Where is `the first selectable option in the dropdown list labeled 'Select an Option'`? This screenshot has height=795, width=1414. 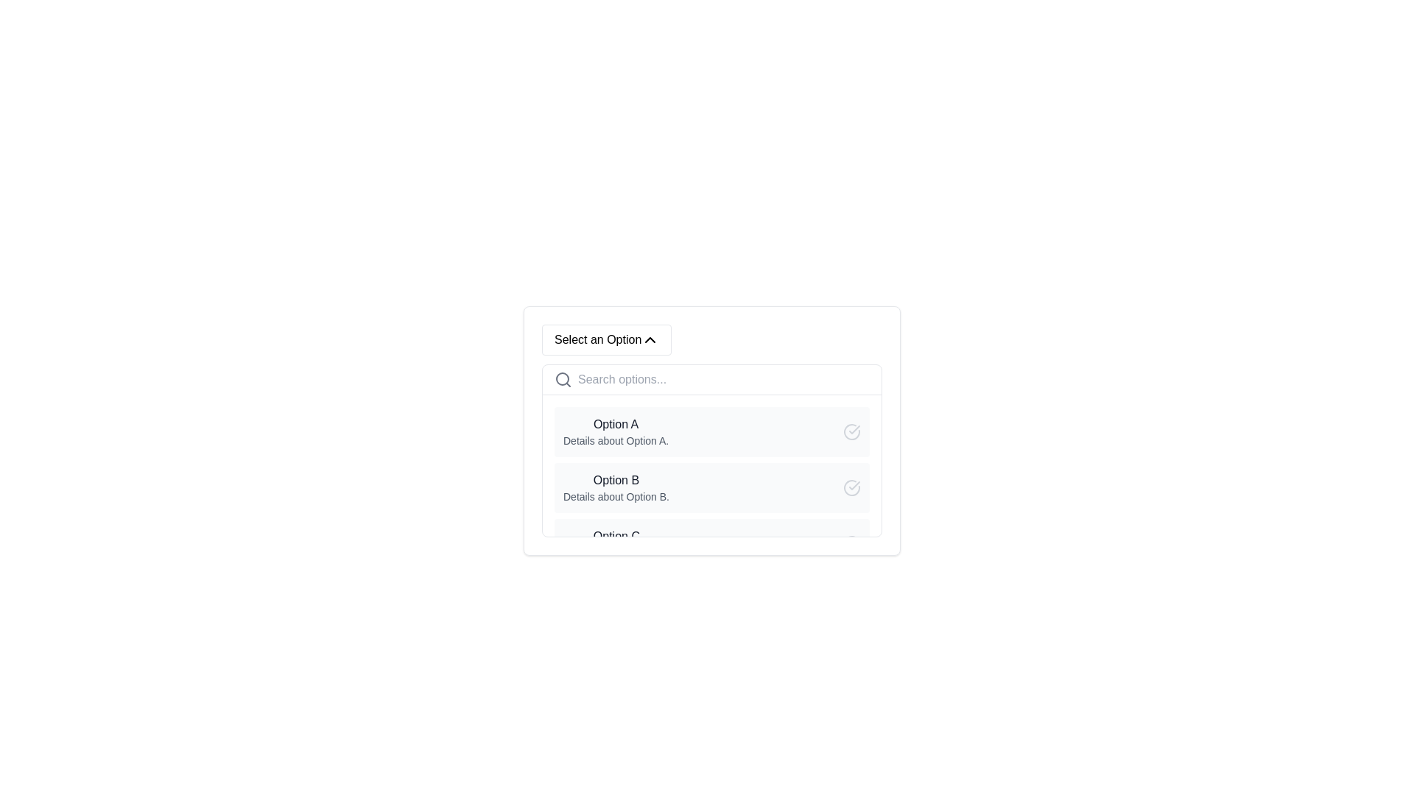
the first selectable option in the dropdown list labeled 'Select an Option' is located at coordinates (616, 431).